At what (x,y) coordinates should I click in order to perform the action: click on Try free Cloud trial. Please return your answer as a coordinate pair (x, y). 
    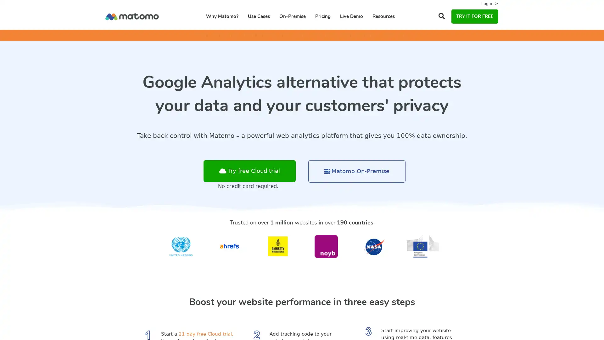
    Looking at the image, I should click on (249, 171).